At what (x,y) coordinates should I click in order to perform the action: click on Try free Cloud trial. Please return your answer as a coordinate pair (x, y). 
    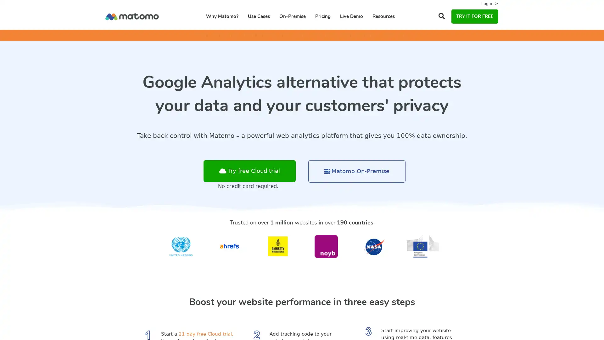
    Looking at the image, I should click on (249, 171).